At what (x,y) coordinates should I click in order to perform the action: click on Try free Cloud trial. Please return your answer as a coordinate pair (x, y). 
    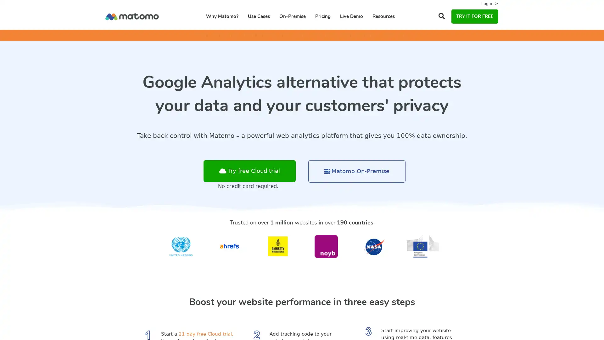
    Looking at the image, I should click on (249, 171).